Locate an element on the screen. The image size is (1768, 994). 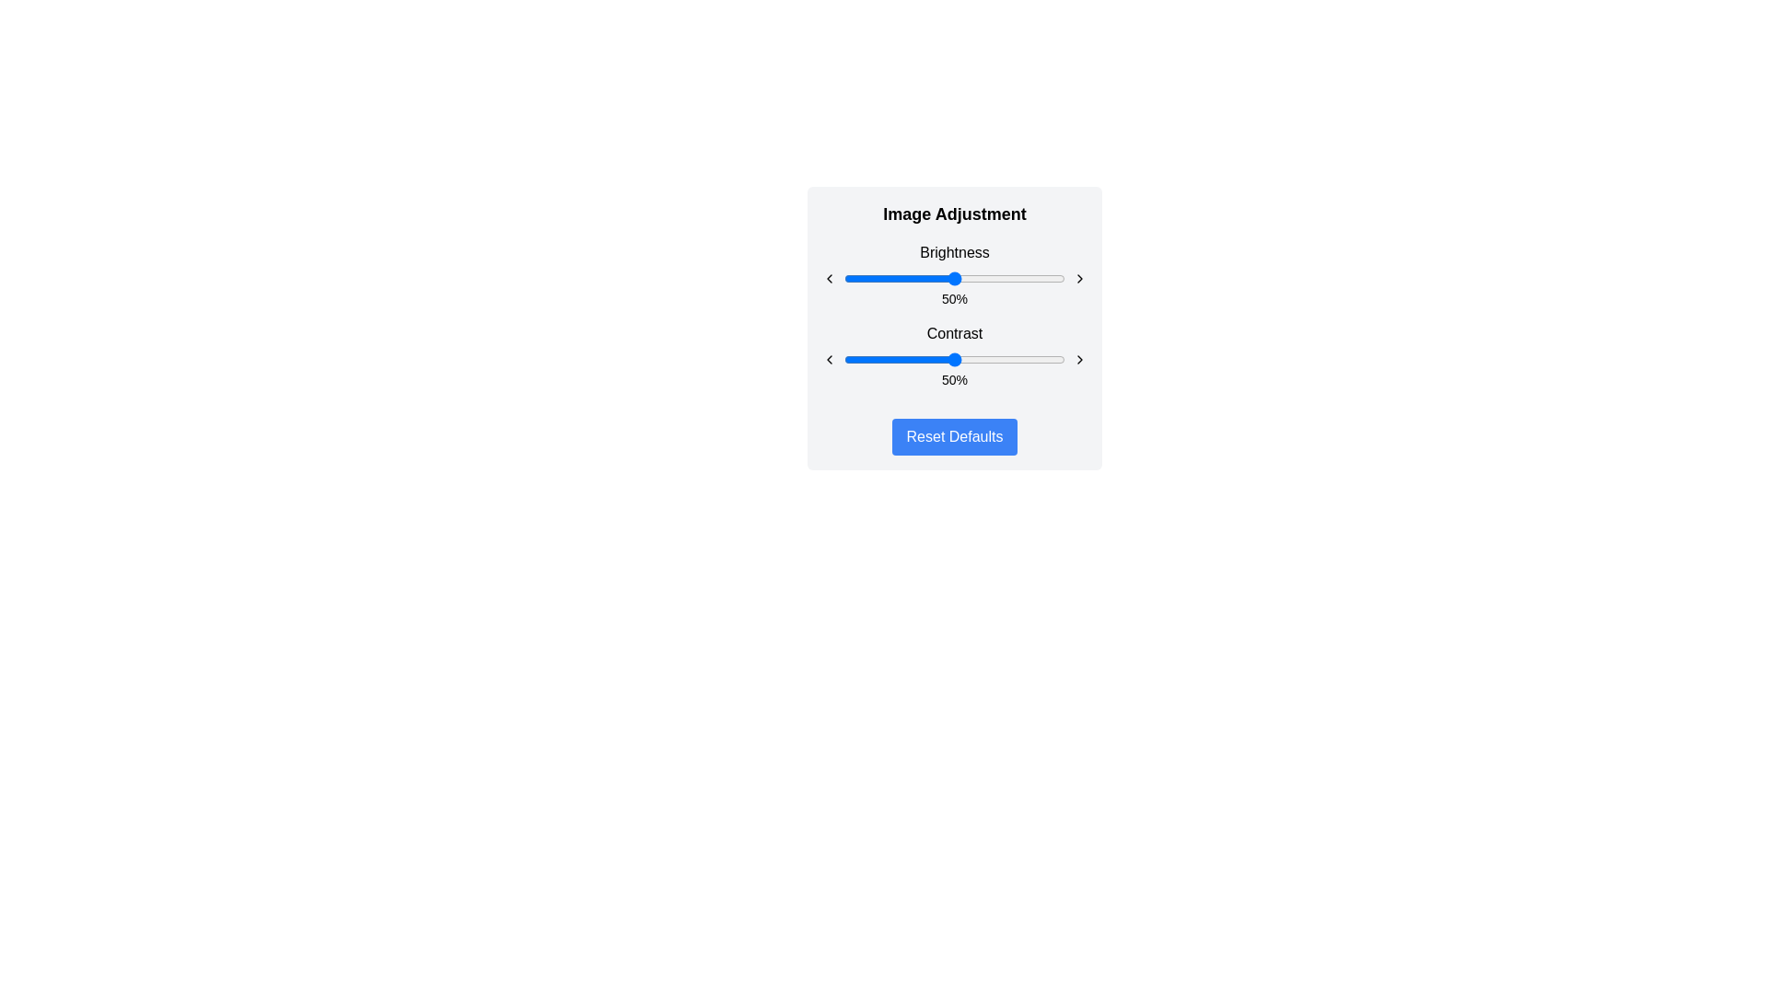
the text label displaying '50%' which indicates the current brightness level below the brightness slider is located at coordinates (954, 297).